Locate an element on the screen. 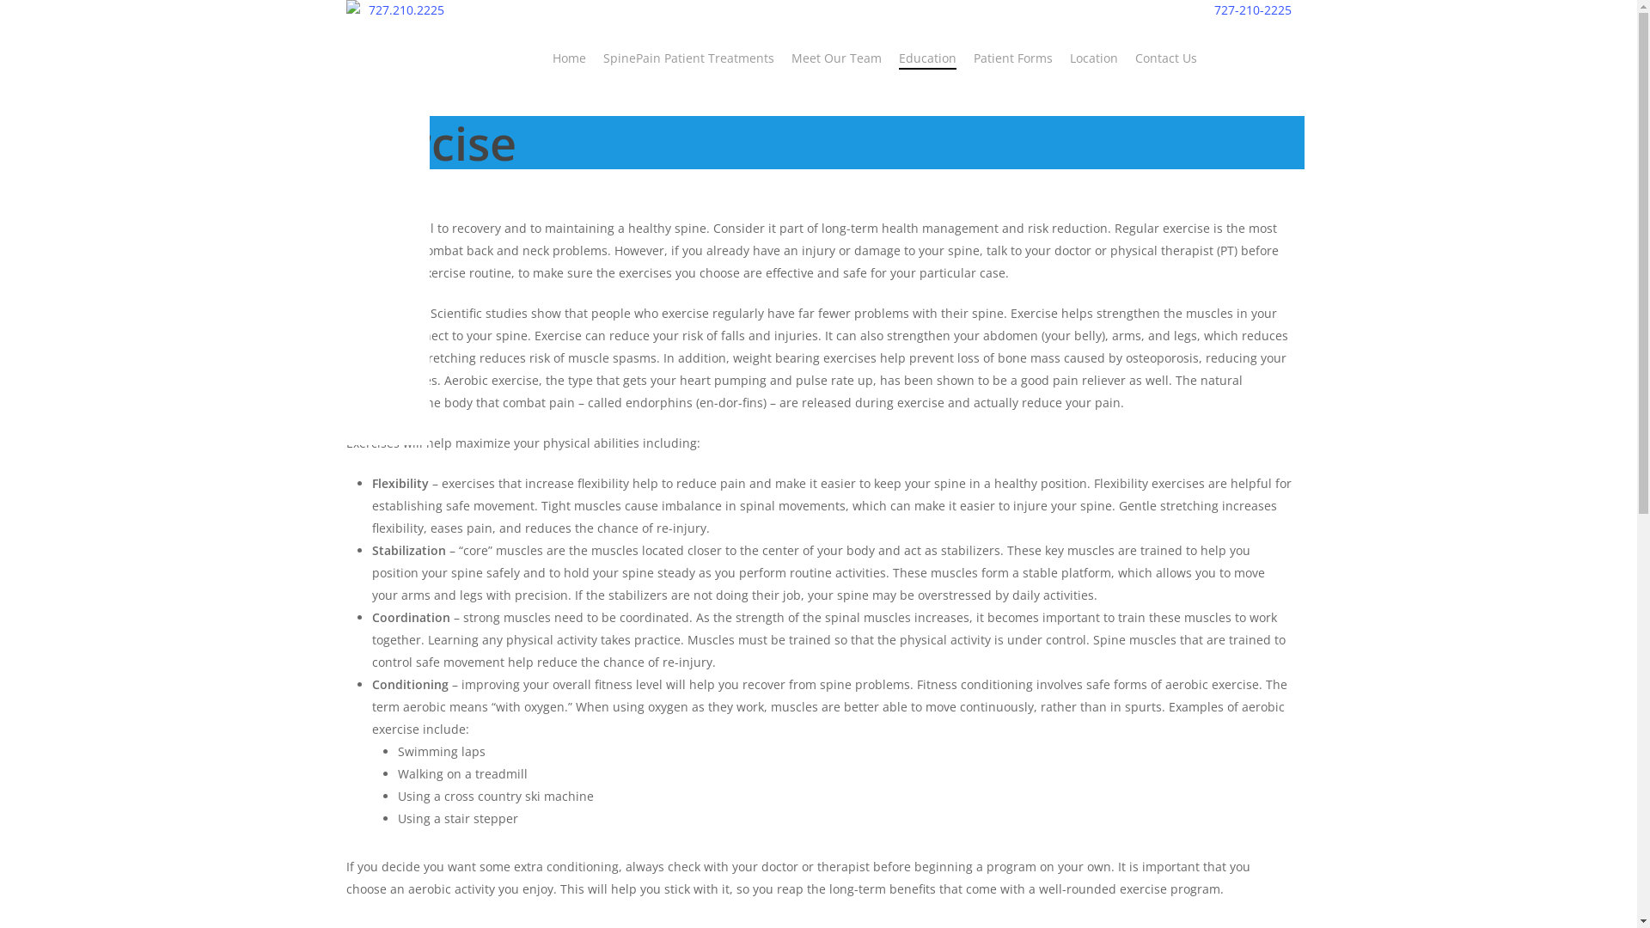  'Meet Our Team' is located at coordinates (835, 58).